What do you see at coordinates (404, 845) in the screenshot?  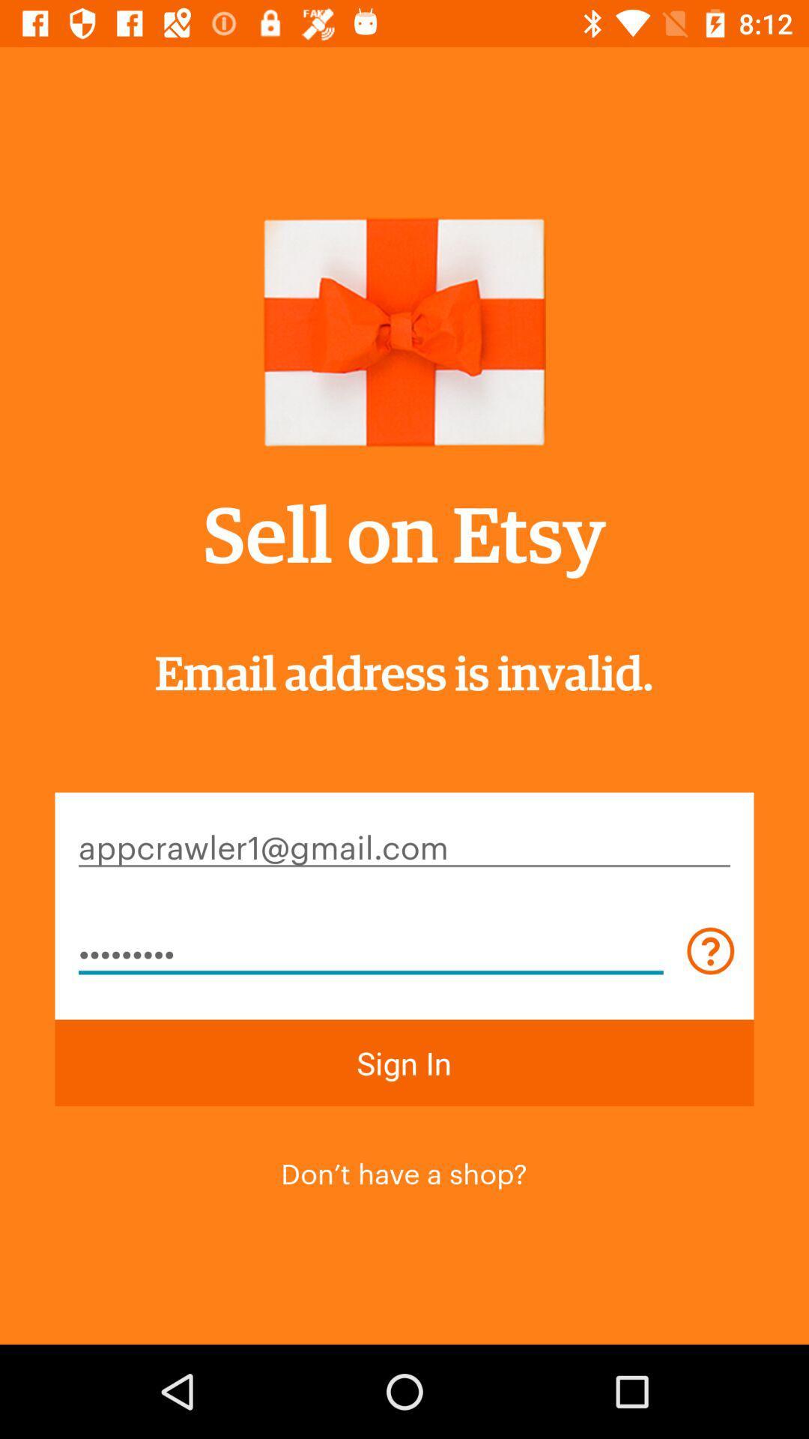 I see `appcrawler1@gmail.com icon` at bounding box center [404, 845].